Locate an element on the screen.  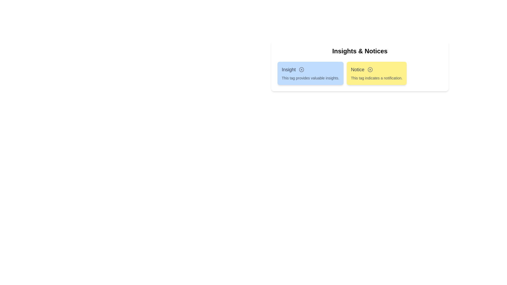
the tag Notice to read its description is located at coordinates (376, 73).